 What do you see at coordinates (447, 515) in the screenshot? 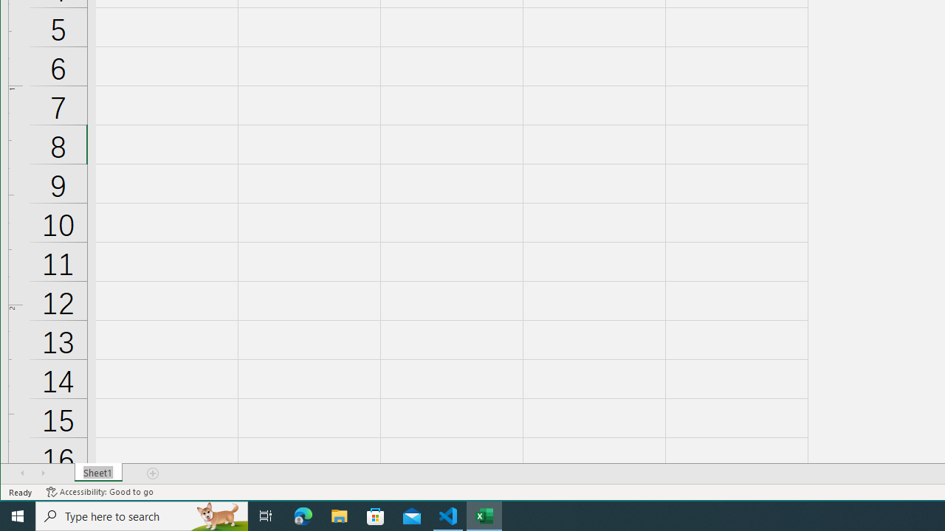
I see `'Visual Studio Code - 1 running window'` at bounding box center [447, 515].